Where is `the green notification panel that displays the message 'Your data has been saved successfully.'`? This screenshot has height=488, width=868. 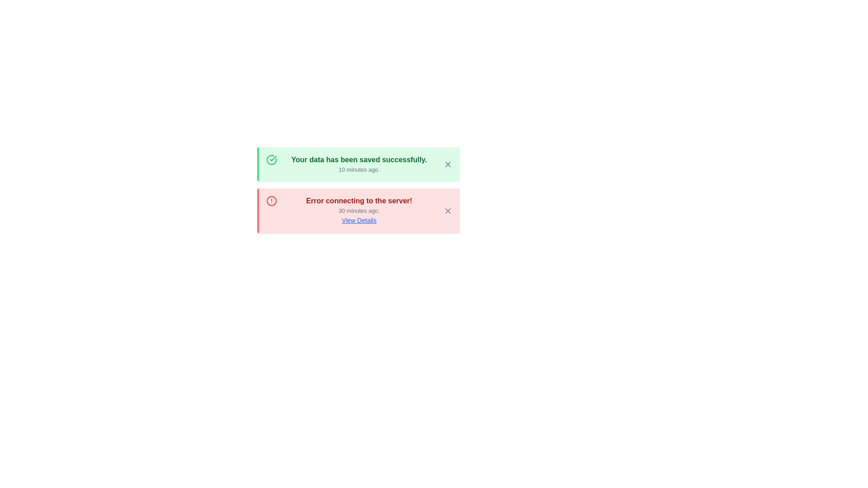
the green notification panel that displays the message 'Your data has been saved successfully.' is located at coordinates (358, 164).